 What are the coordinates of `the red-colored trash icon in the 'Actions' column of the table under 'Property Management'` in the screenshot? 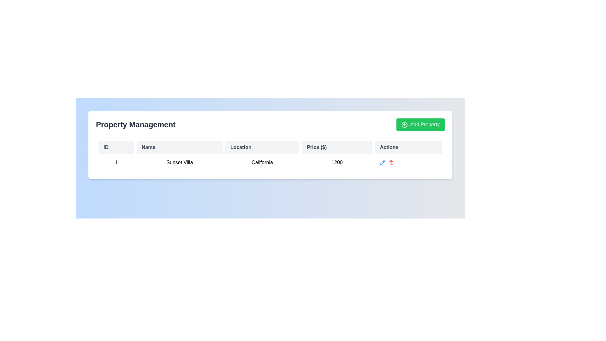 It's located at (391, 162).